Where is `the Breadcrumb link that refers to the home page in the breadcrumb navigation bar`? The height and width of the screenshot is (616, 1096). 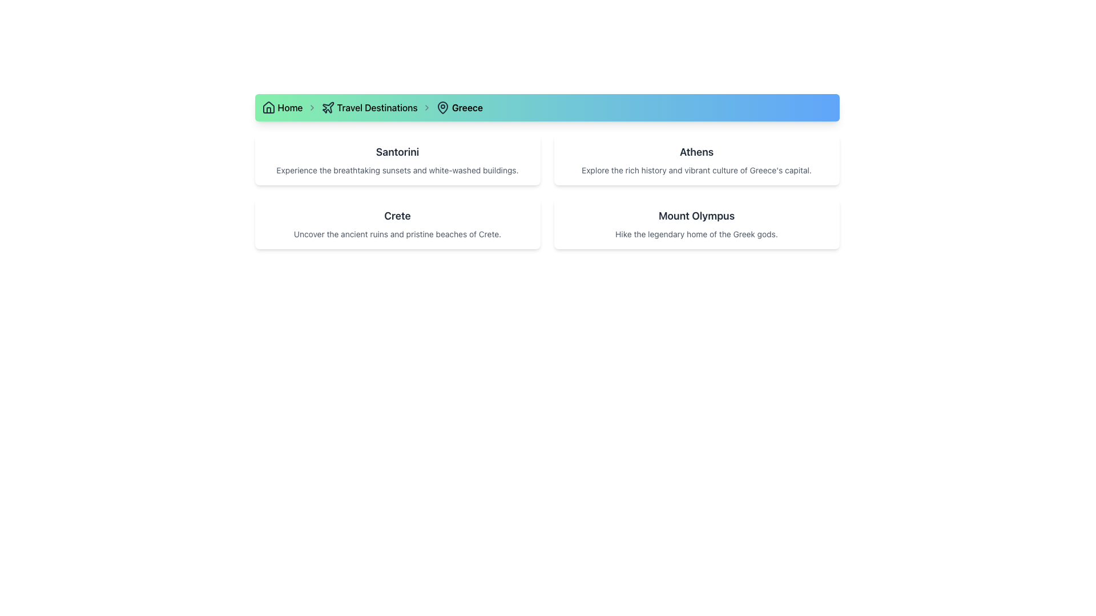 the Breadcrumb link that refers to the home page in the breadcrumb navigation bar is located at coordinates (282, 108).